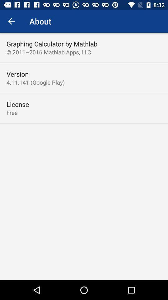  What do you see at coordinates (52, 43) in the screenshot?
I see `graphing calculator by item` at bounding box center [52, 43].